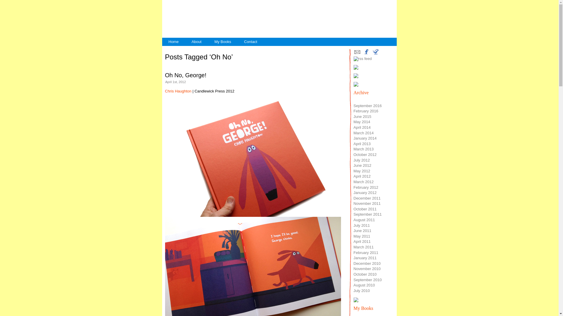 This screenshot has height=316, width=563. What do you see at coordinates (367, 106) in the screenshot?
I see `'September 2016'` at bounding box center [367, 106].